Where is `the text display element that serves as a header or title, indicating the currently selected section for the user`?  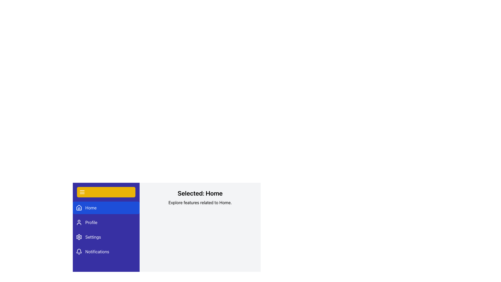 the text display element that serves as a header or title, indicating the currently selected section for the user is located at coordinates (200, 193).